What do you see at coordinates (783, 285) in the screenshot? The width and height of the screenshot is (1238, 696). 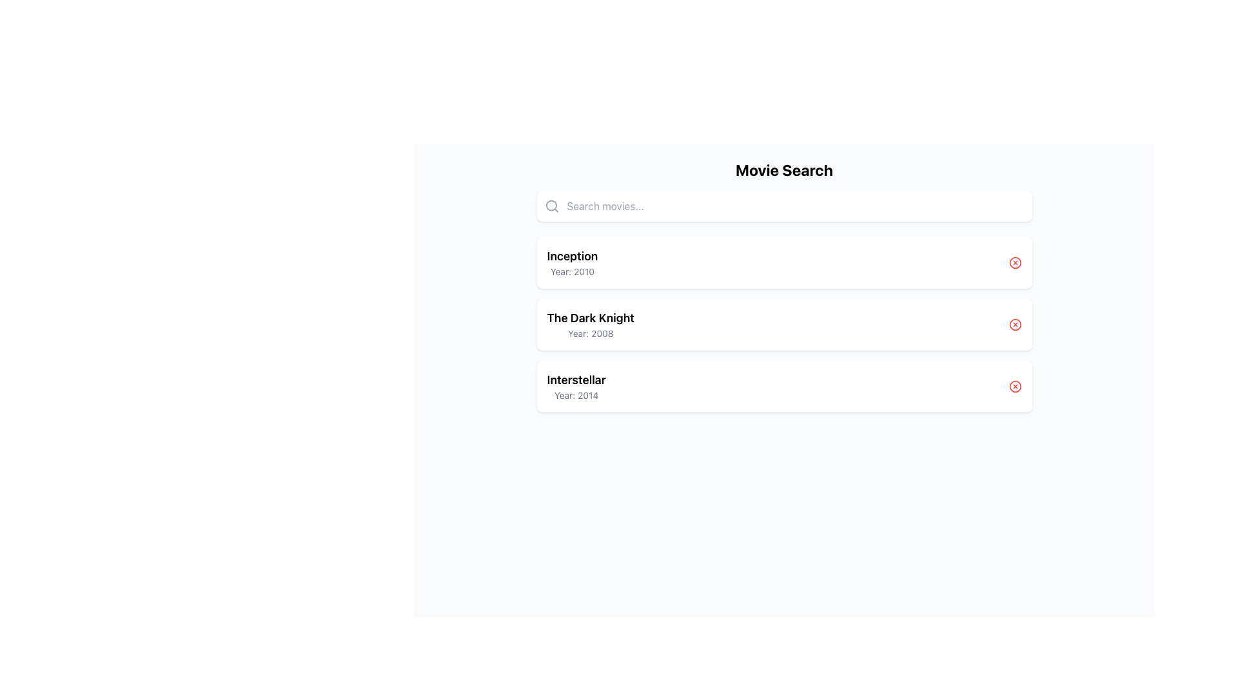 I see `the primary movie list management section, which includes the search bar and movie entries` at bounding box center [783, 285].